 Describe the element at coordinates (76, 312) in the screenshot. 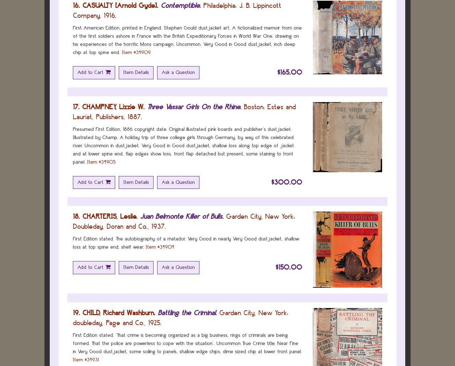

I see `'19.'` at that location.